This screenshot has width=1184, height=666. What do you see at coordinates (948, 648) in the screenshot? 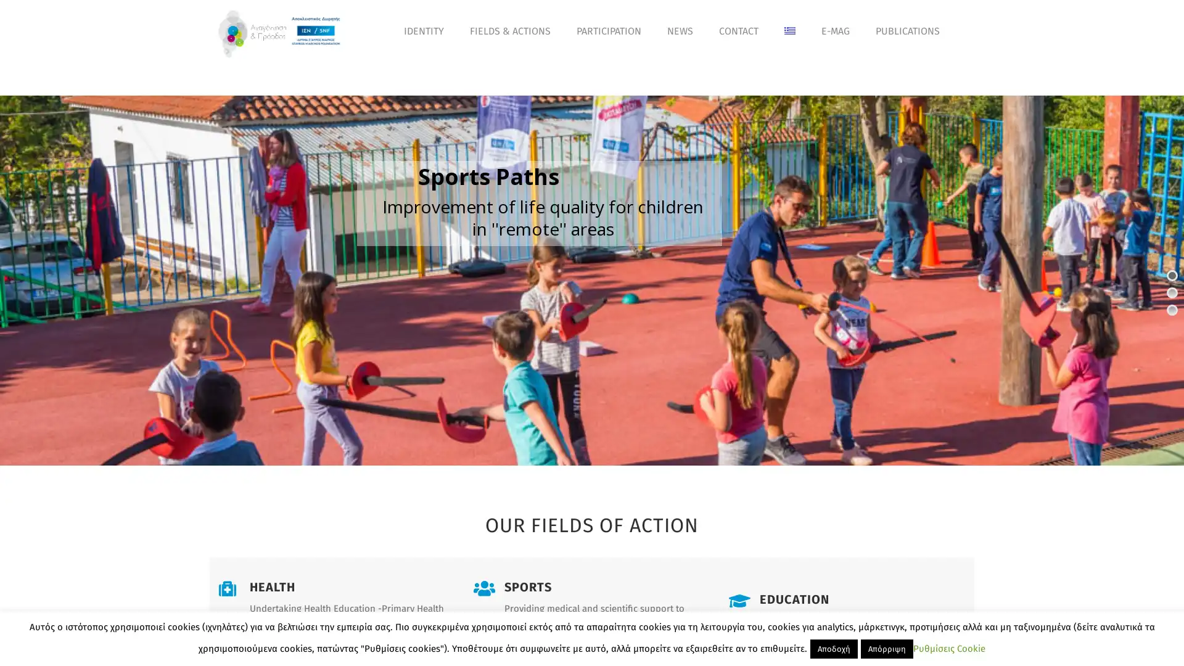
I see `Cookie` at bounding box center [948, 648].